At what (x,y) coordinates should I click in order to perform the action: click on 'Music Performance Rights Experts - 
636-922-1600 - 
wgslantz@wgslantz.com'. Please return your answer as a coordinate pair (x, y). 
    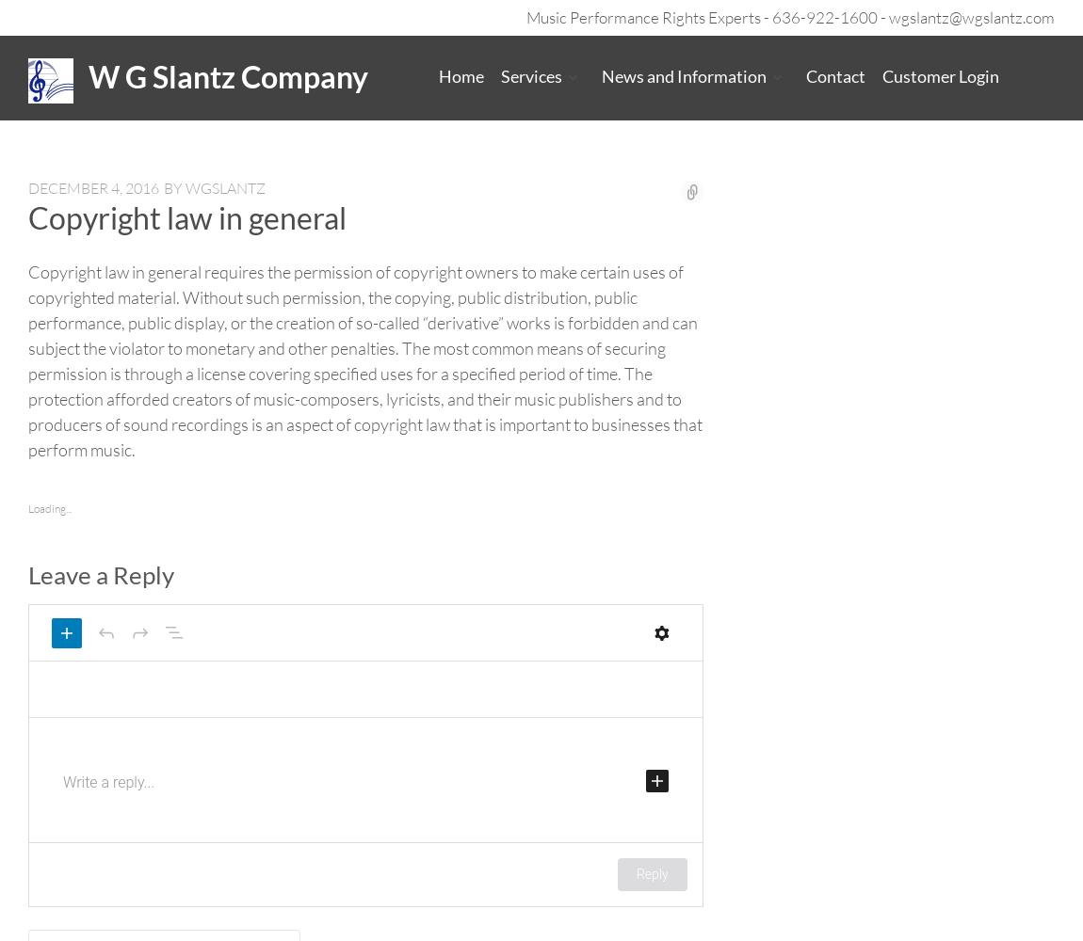
    Looking at the image, I should click on (789, 17).